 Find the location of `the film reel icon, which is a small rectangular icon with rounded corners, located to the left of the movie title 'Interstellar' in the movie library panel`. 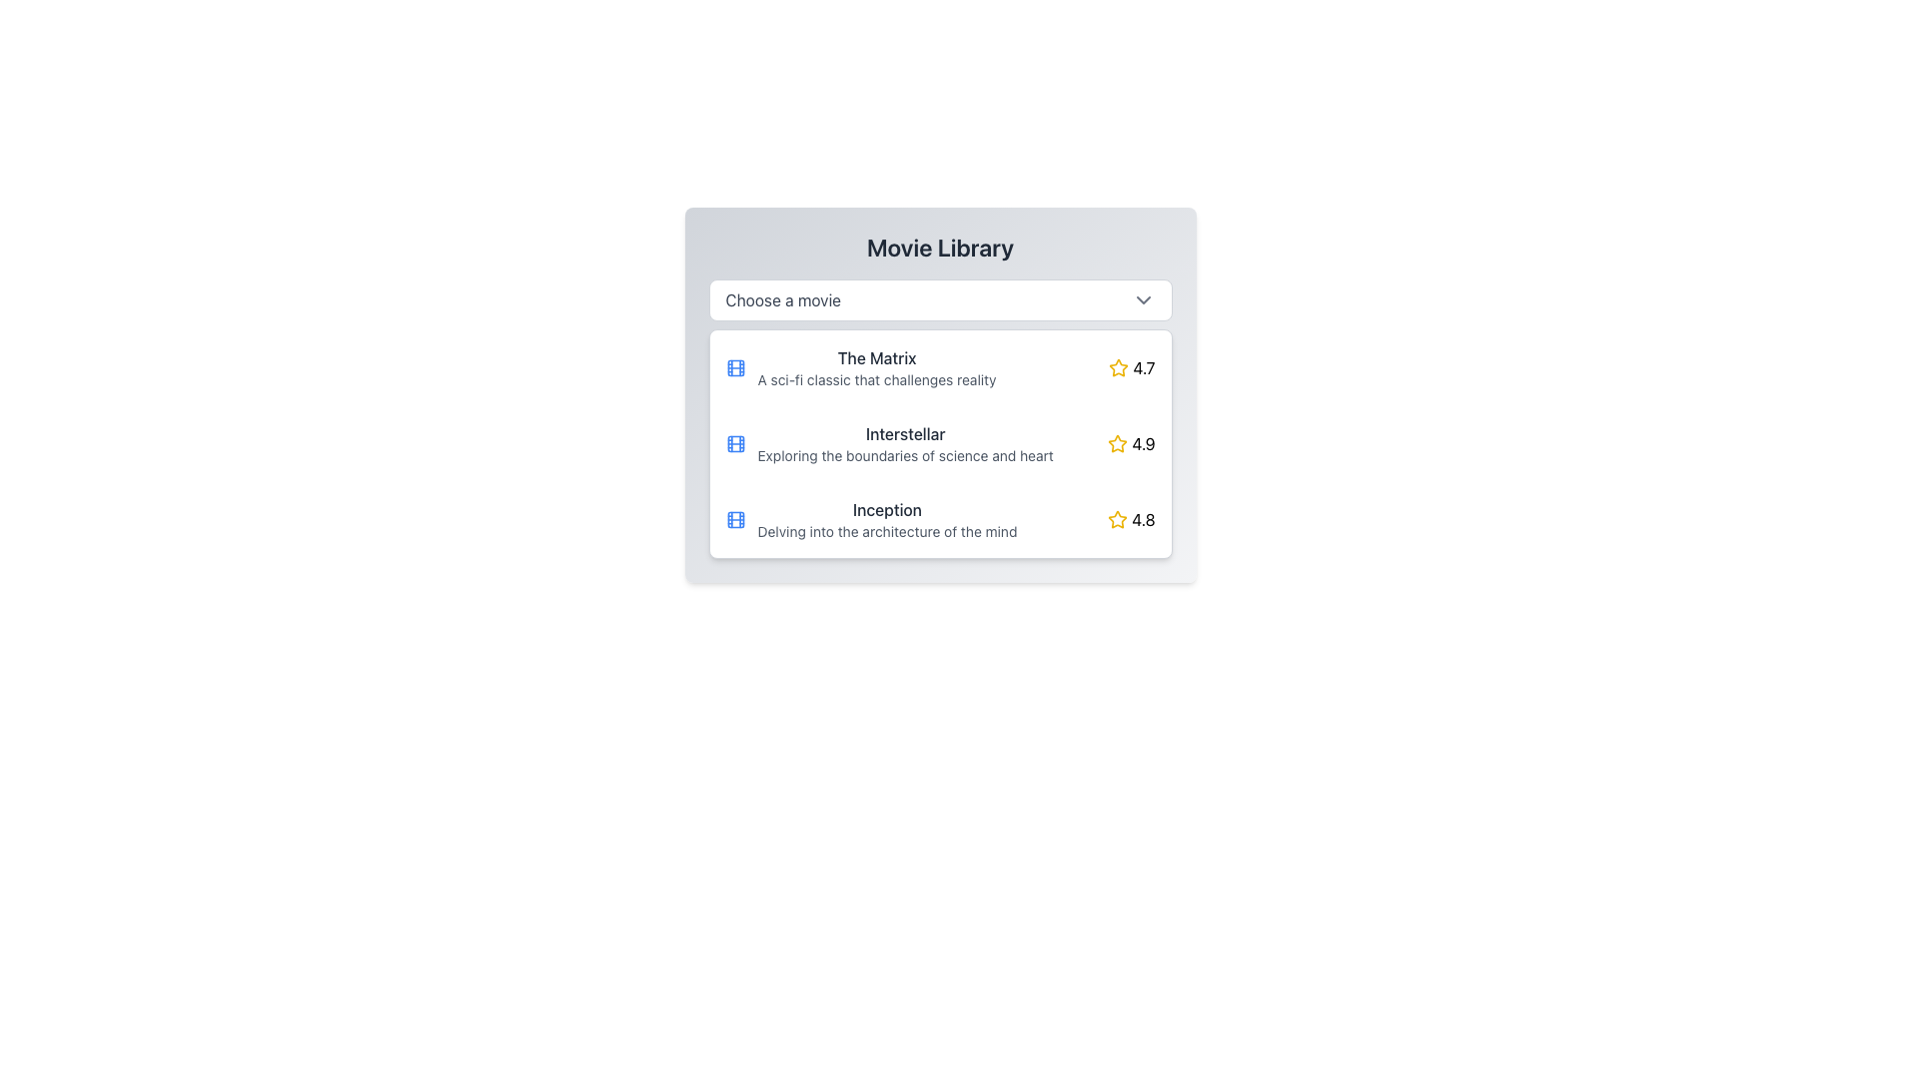

the film reel icon, which is a small rectangular icon with rounded corners, located to the left of the movie title 'Interstellar' in the movie library panel is located at coordinates (734, 442).